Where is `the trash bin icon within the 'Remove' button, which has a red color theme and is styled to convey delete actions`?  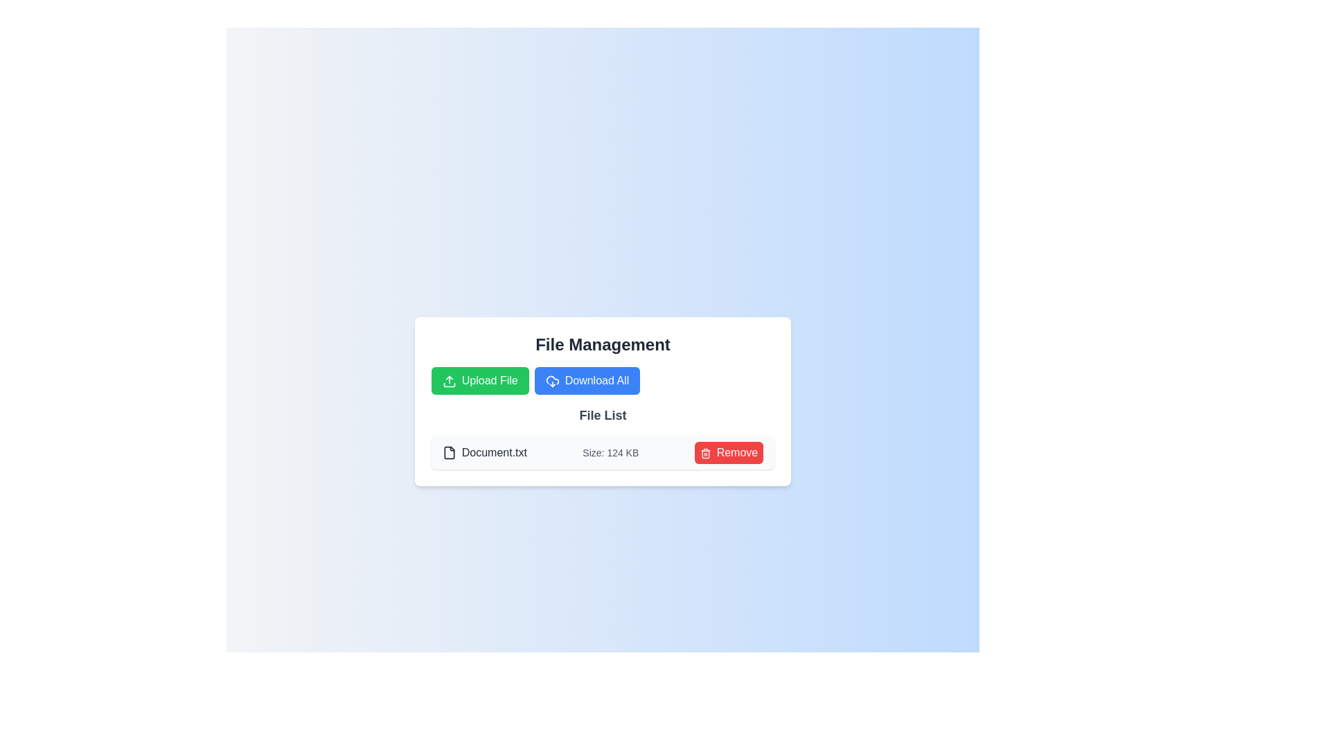 the trash bin icon within the 'Remove' button, which has a red color theme and is styled to convey delete actions is located at coordinates (705, 453).